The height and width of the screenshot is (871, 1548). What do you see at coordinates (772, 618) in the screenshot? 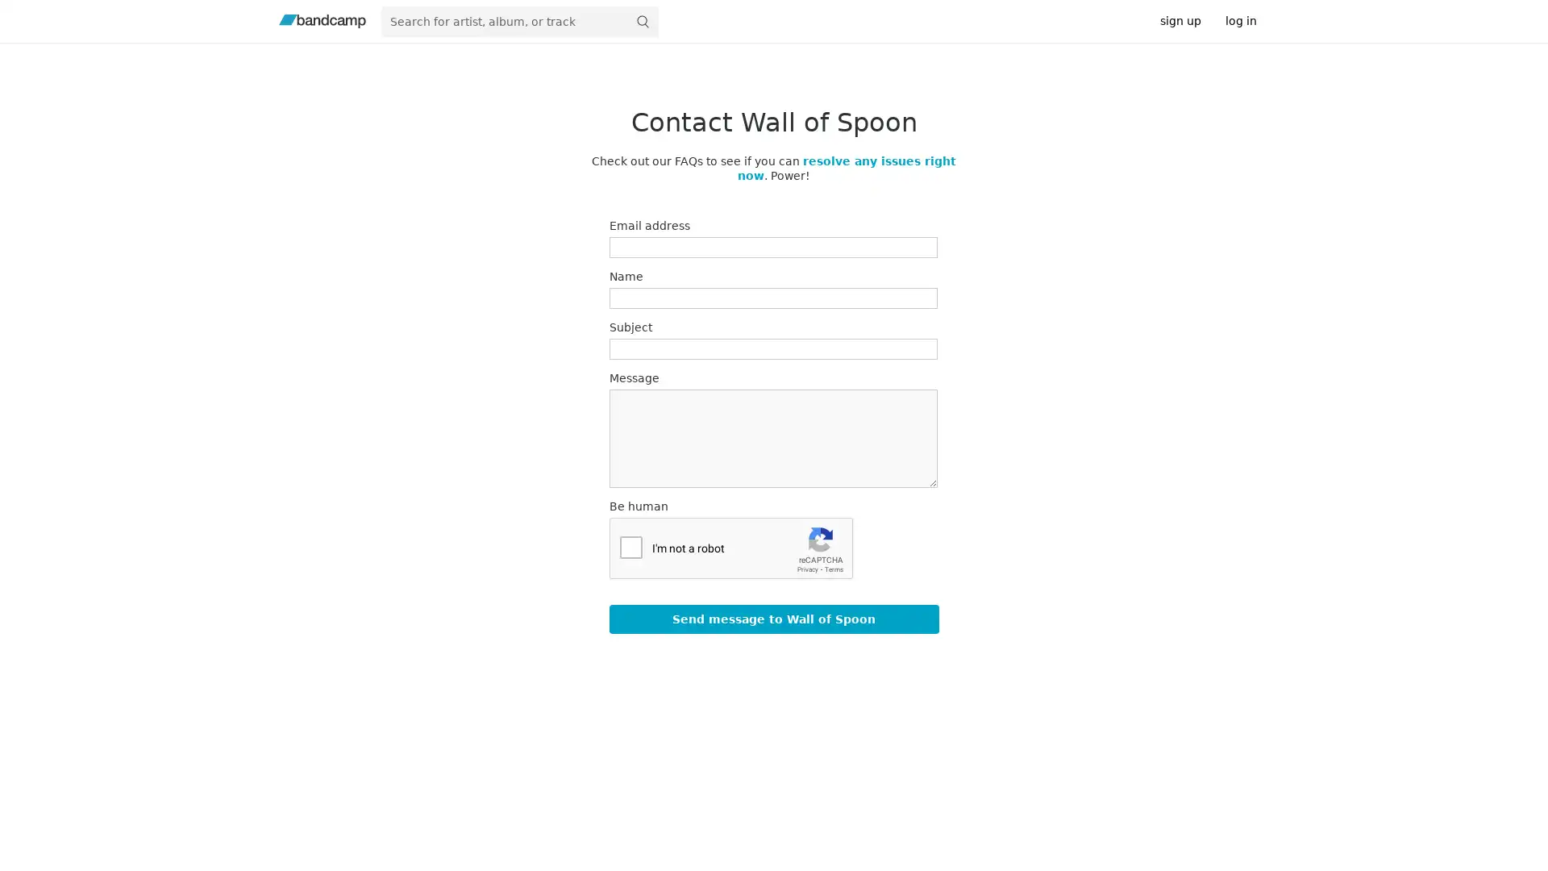
I see `Send message to Wall of Spoon` at bounding box center [772, 618].